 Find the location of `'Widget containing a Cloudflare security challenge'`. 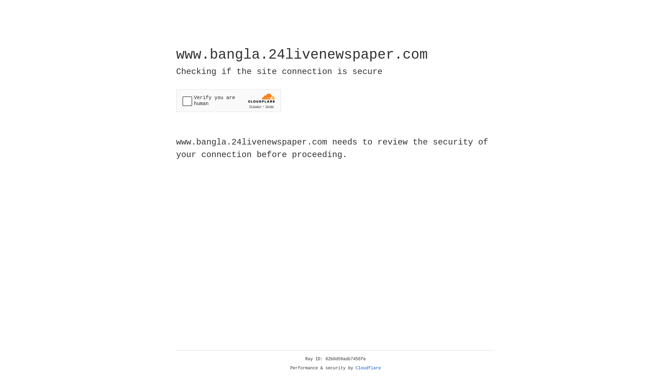

'Widget containing a Cloudflare security challenge' is located at coordinates (228, 101).